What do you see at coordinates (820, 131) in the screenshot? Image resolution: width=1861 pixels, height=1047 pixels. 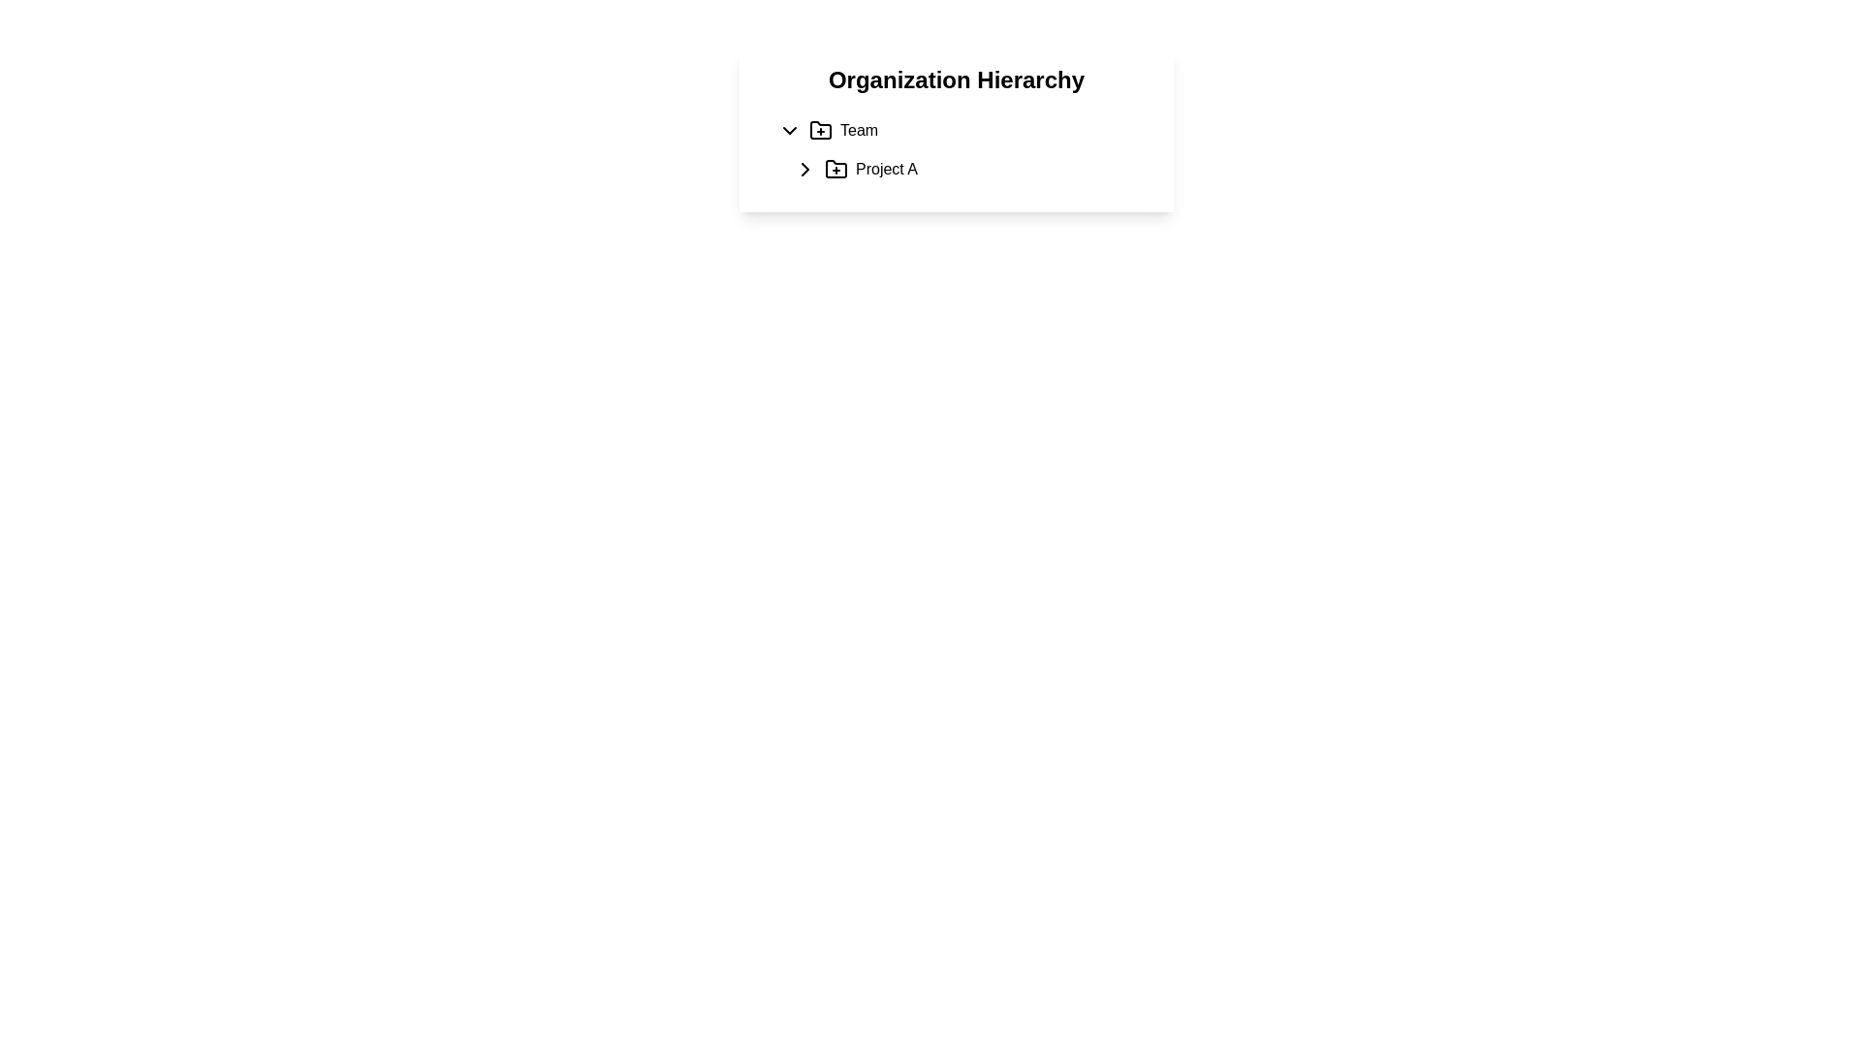 I see `the small folder-like icon with a plus symbol at its center, located beside the label 'Team'` at bounding box center [820, 131].